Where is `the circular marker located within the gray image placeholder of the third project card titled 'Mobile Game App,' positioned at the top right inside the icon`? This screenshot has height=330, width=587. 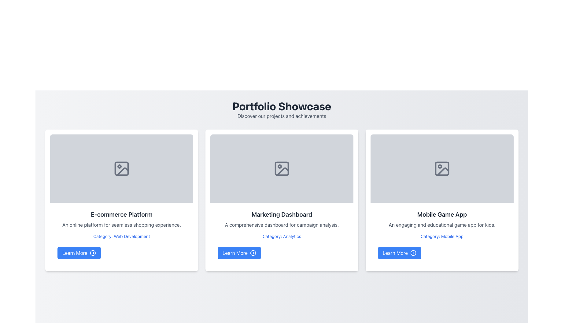
the circular marker located within the gray image placeholder of the third project card titled 'Mobile Game App,' positioned at the top right inside the icon is located at coordinates (440, 166).